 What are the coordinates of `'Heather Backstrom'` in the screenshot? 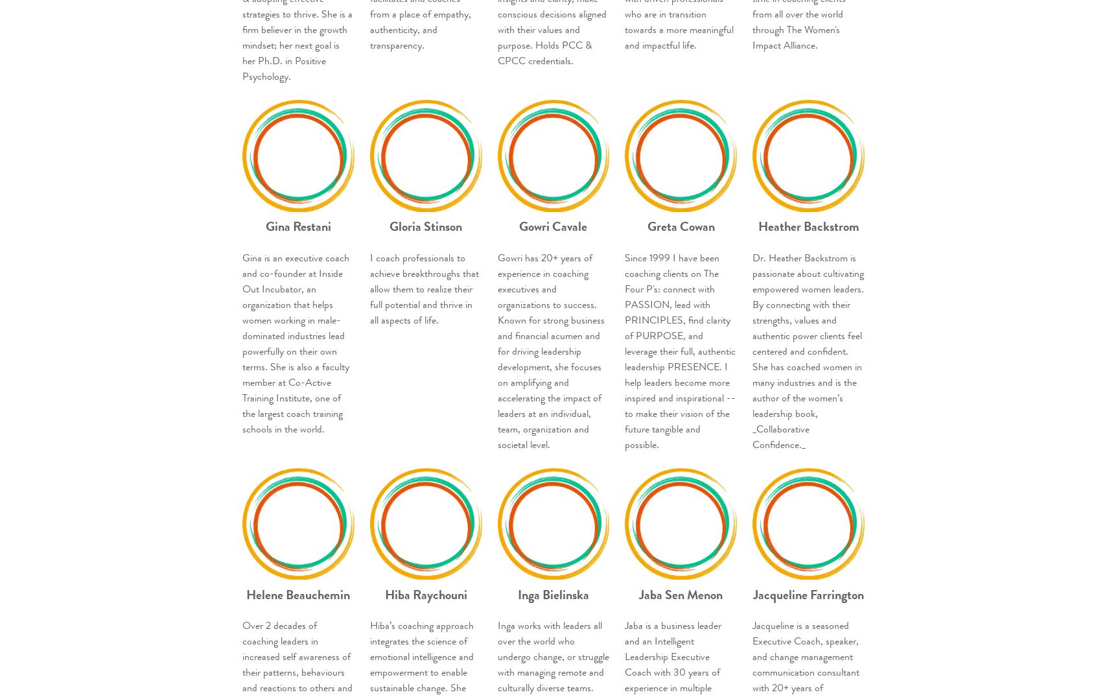 It's located at (757, 226).